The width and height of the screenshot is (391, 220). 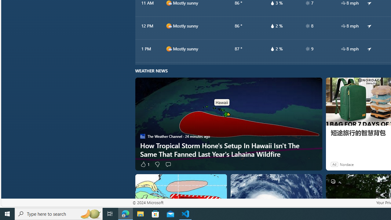 What do you see at coordinates (142, 136) in the screenshot?
I see `'The Weather Channel'` at bounding box center [142, 136].